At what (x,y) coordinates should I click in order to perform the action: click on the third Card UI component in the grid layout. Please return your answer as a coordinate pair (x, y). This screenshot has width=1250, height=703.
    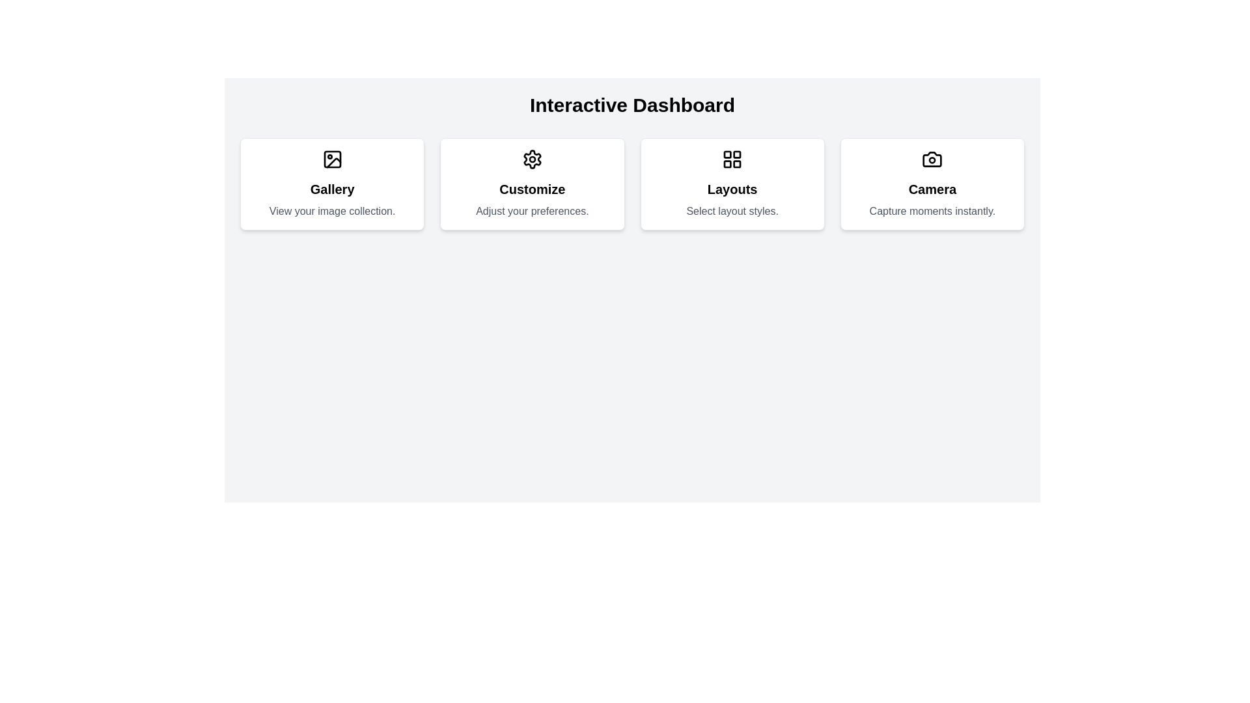
    Looking at the image, I should click on (732, 184).